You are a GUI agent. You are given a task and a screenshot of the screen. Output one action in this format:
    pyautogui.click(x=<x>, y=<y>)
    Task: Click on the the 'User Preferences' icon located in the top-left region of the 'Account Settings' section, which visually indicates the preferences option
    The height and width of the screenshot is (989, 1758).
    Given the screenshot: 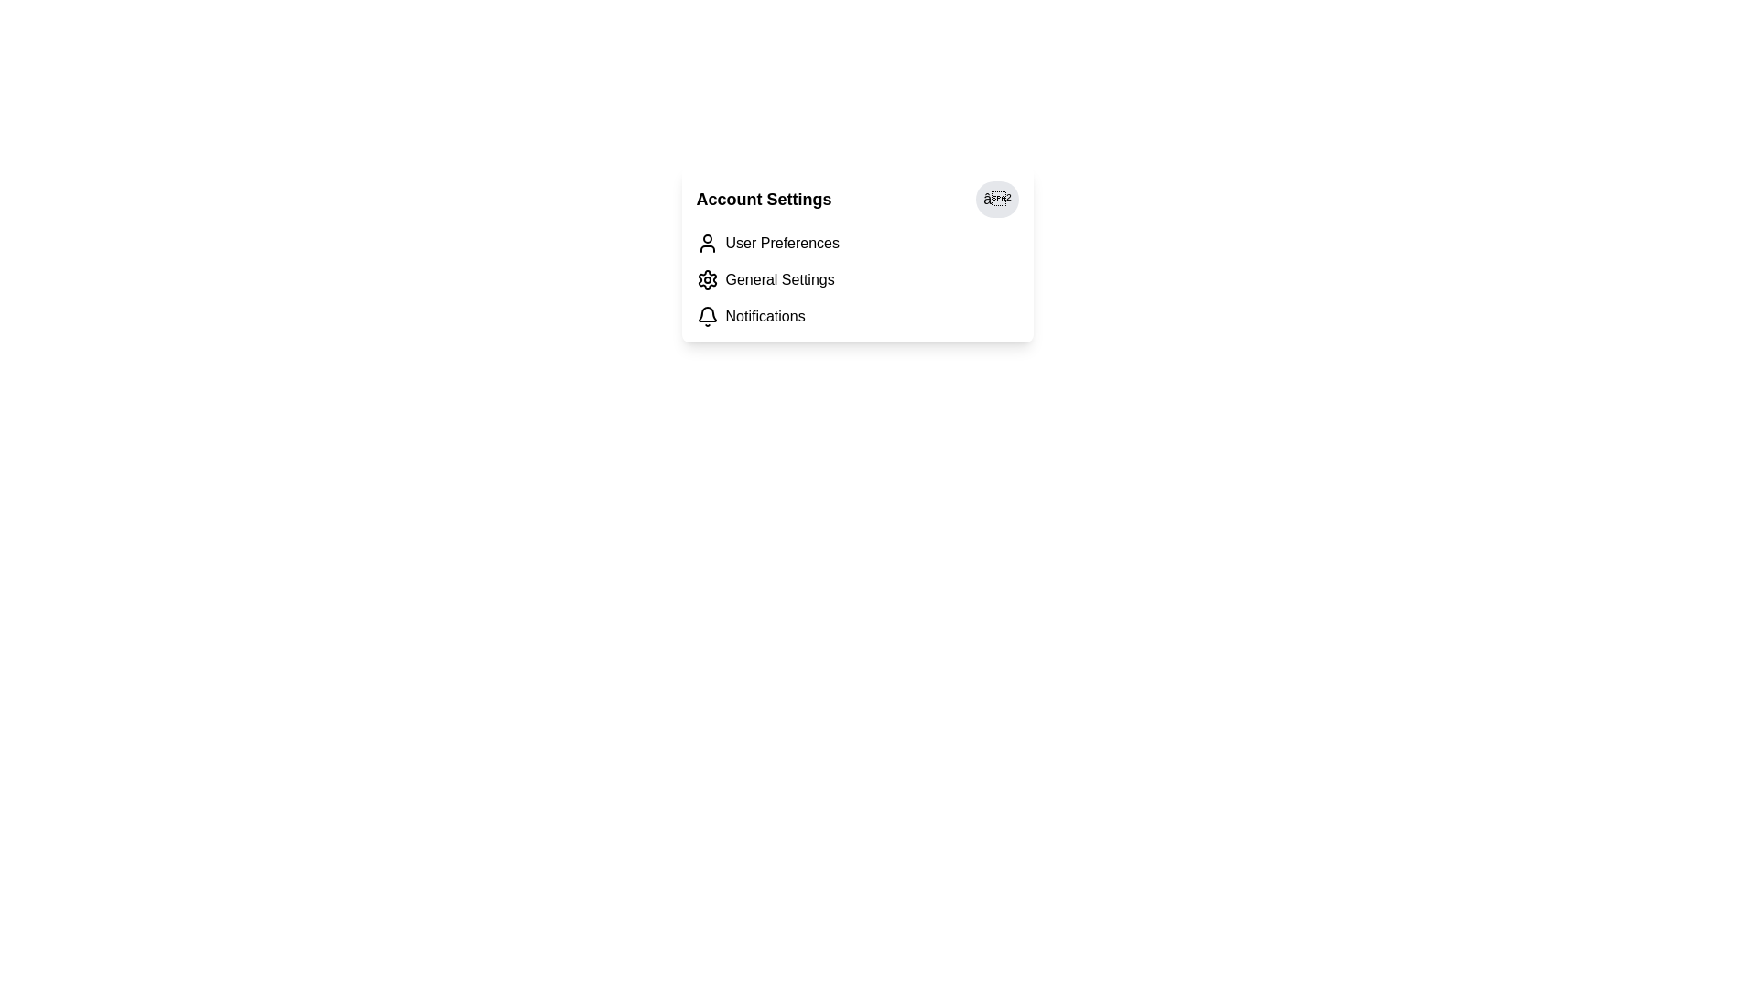 What is the action you would take?
    pyautogui.click(x=706, y=243)
    